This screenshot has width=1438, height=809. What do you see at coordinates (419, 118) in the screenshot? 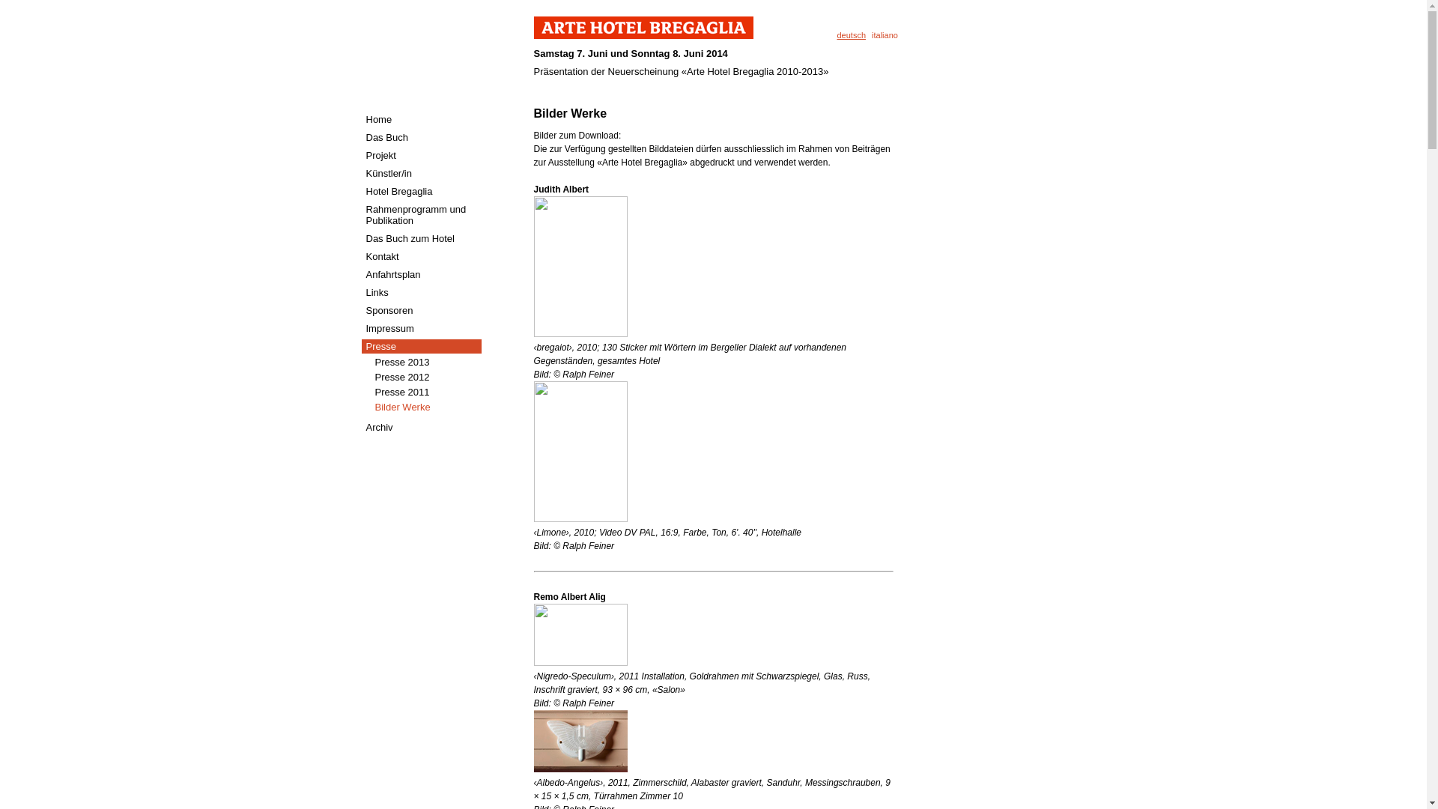
I see `'Home'` at bounding box center [419, 118].